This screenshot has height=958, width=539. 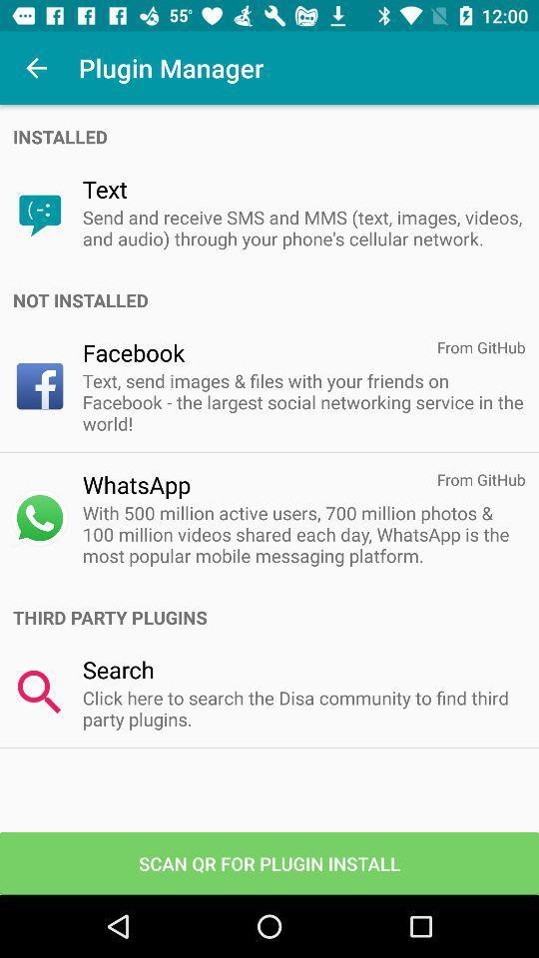 What do you see at coordinates (302, 709) in the screenshot?
I see `item above scan qr for item` at bounding box center [302, 709].